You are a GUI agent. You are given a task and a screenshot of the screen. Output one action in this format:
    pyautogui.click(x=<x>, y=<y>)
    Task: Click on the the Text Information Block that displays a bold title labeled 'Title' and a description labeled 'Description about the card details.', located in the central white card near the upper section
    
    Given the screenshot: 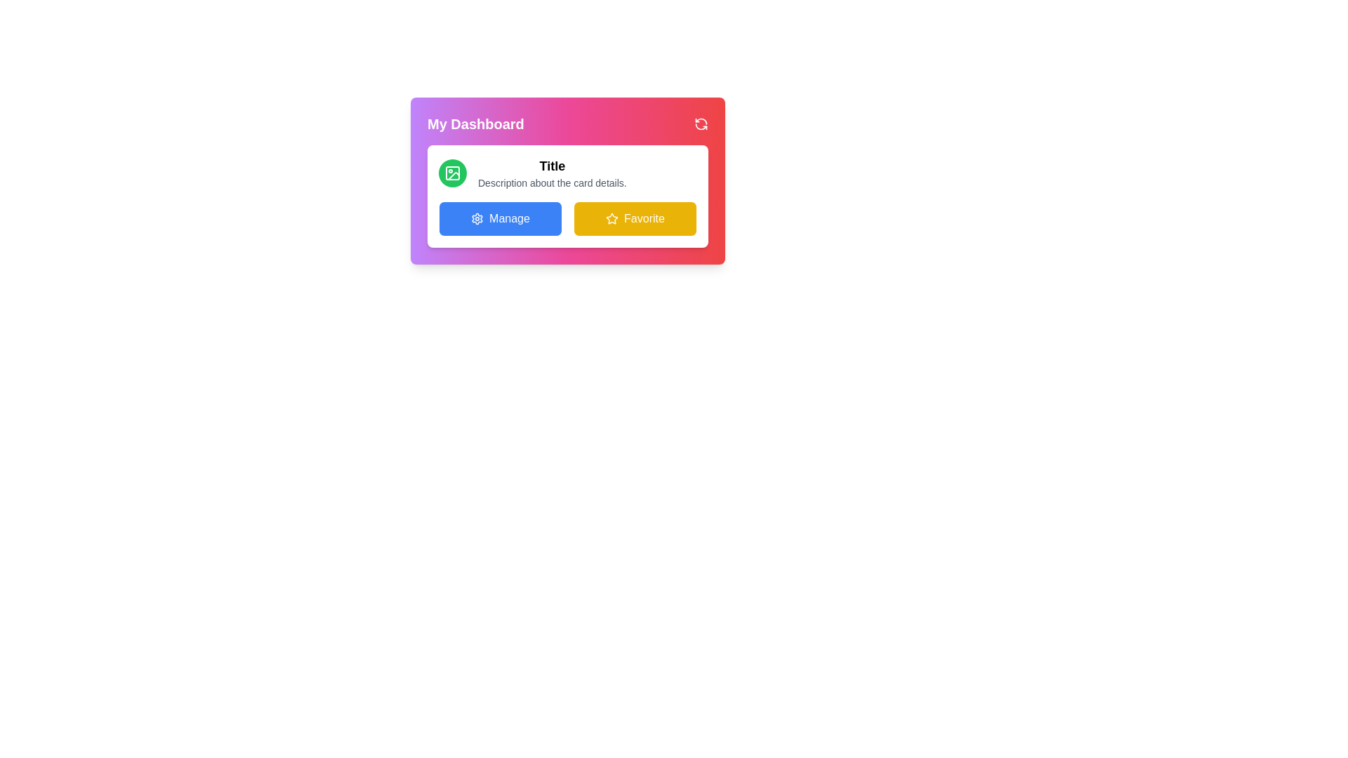 What is the action you would take?
    pyautogui.click(x=568, y=172)
    